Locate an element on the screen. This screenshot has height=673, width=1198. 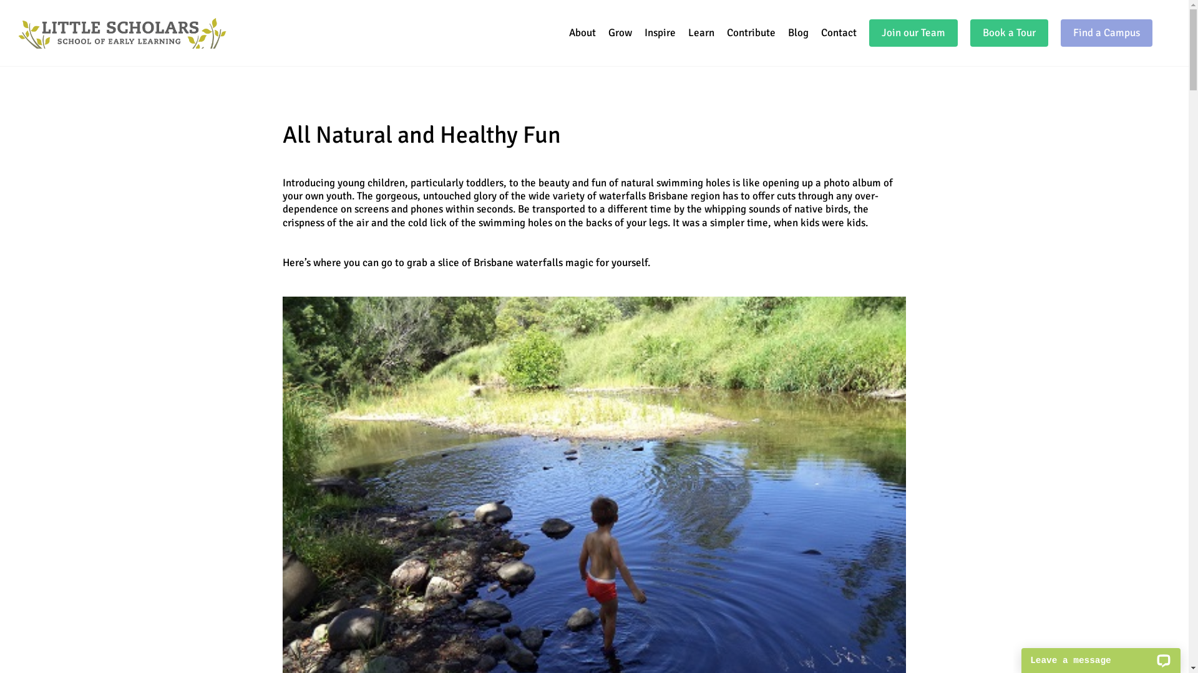
'Book a Tour' is located at coordinates (1009, 32).